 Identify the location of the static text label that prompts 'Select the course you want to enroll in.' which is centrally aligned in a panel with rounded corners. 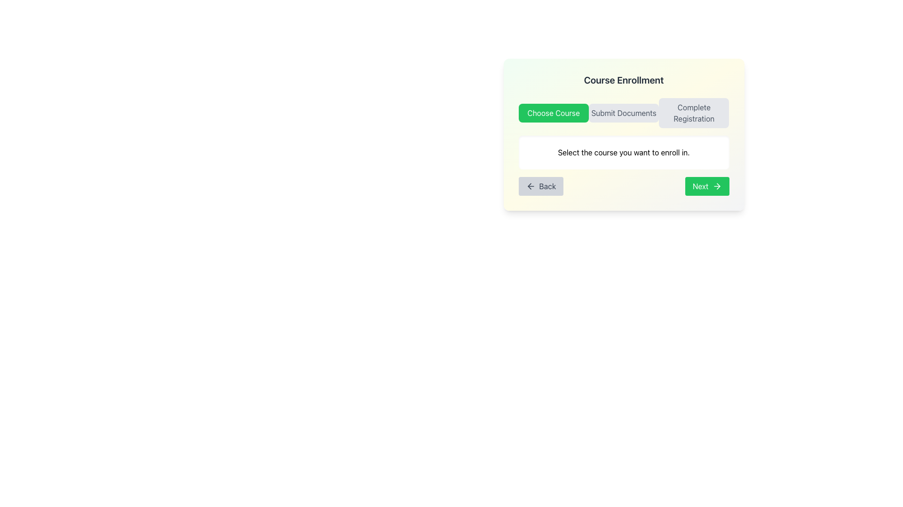
(624, 152).